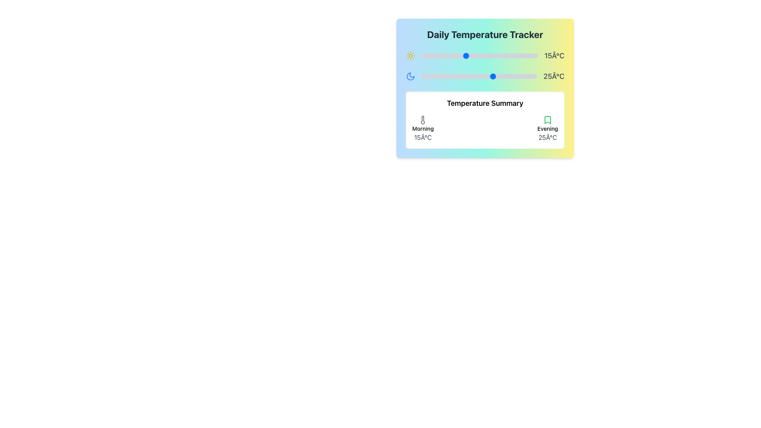  I want to click on the bookmarking icon located in the 'Temperature Summary' section next to the 'Evening' temperature text, so click(547, 120).